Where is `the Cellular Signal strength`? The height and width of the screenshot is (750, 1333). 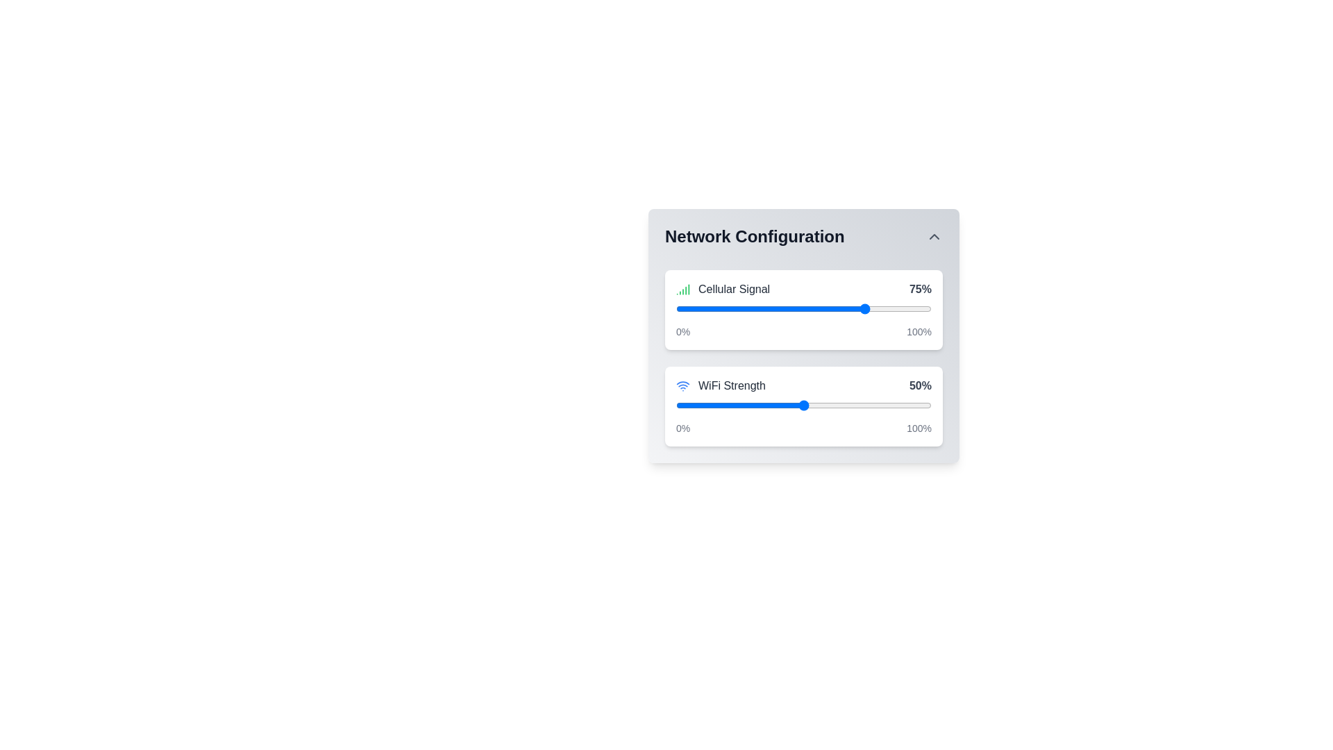
the Cellular Signal strength is located at coordinates (696, 308).